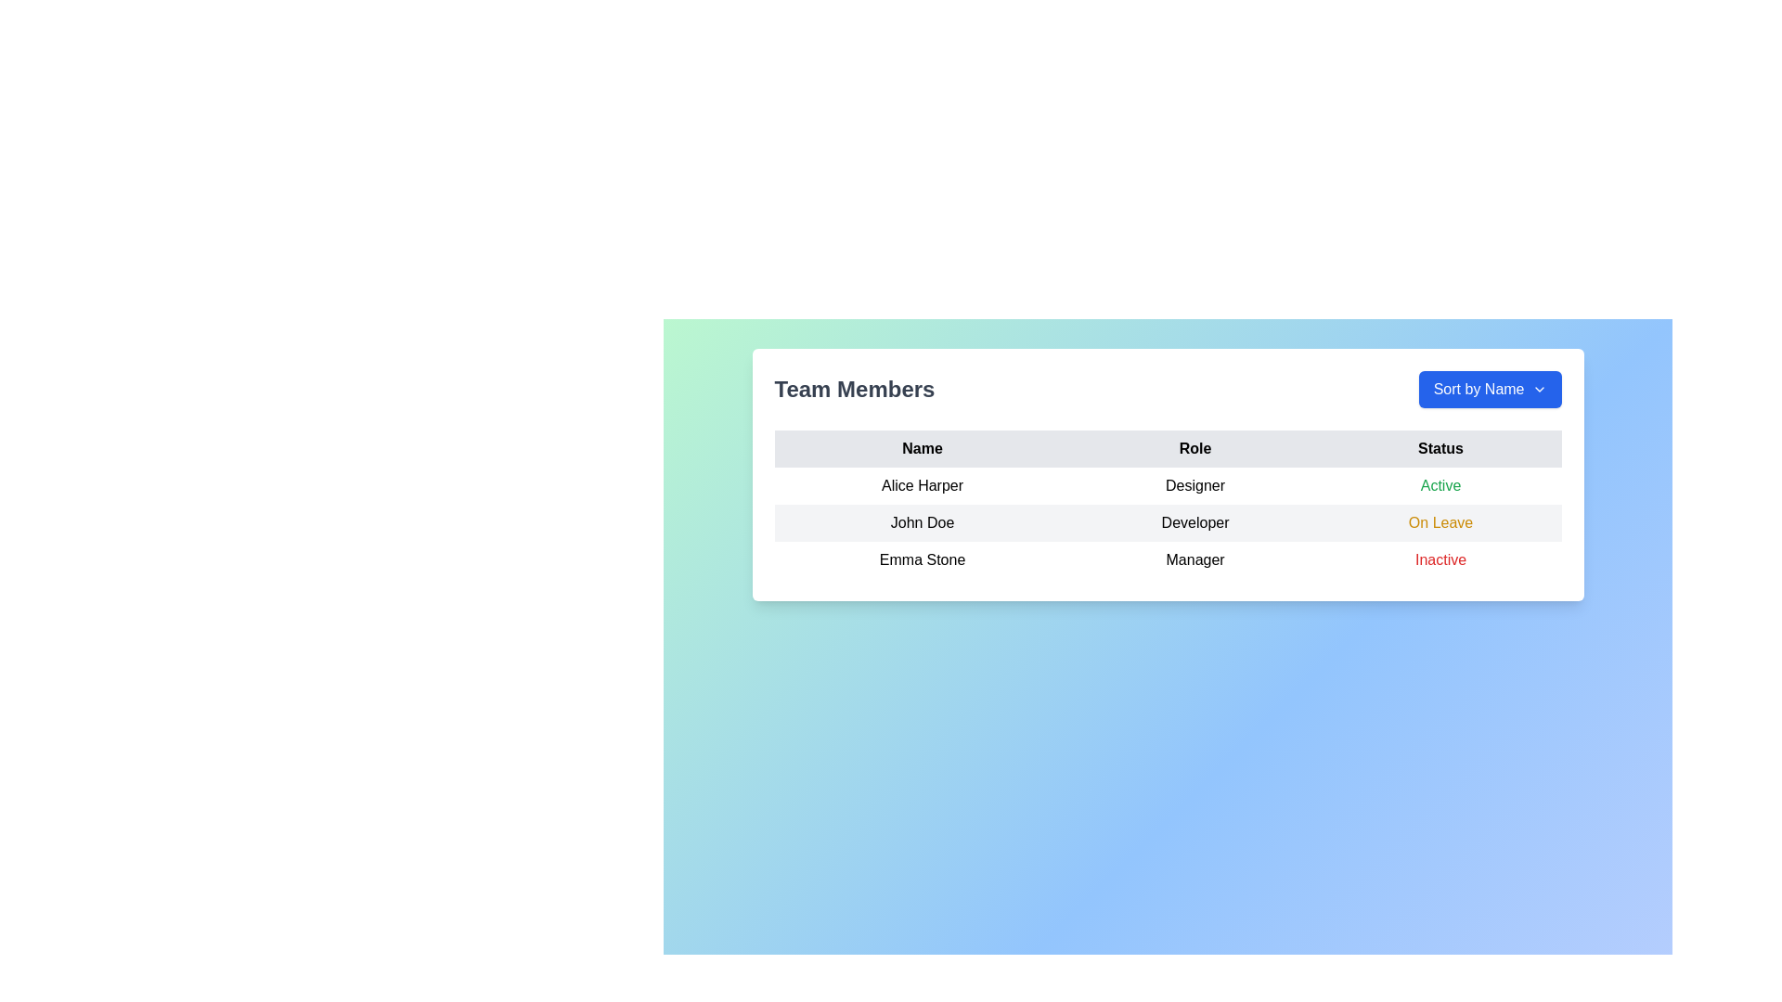 This screenshot has width=1782, height=1002. Describe the element at coordinates (1167, 522) in the screenshot. I see `the second row of the table displaying information about the team member 'John Doe', which includes the role 'Developer' and status 'On Leave'` at that location.